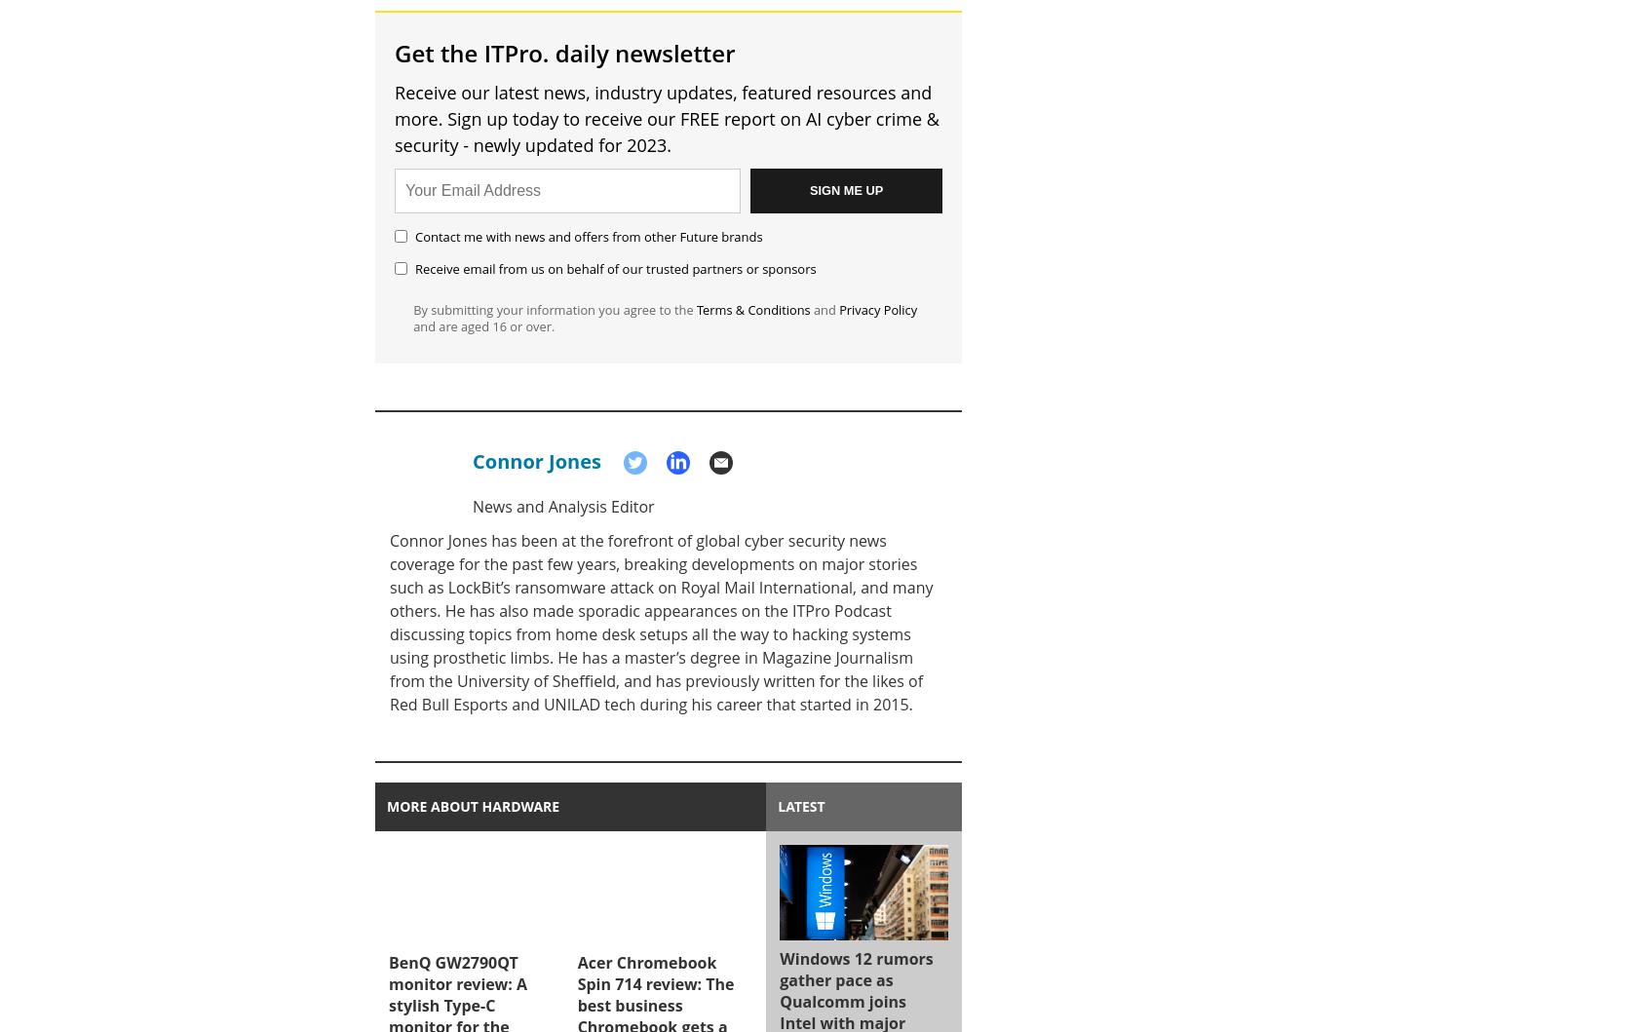  I want to click on 'Receive our latest news, industry updates, featured resources and more. Sign up today to receive our FREE report on AI cyber crime & security - newly updated for 2023.', so click(395, 117).